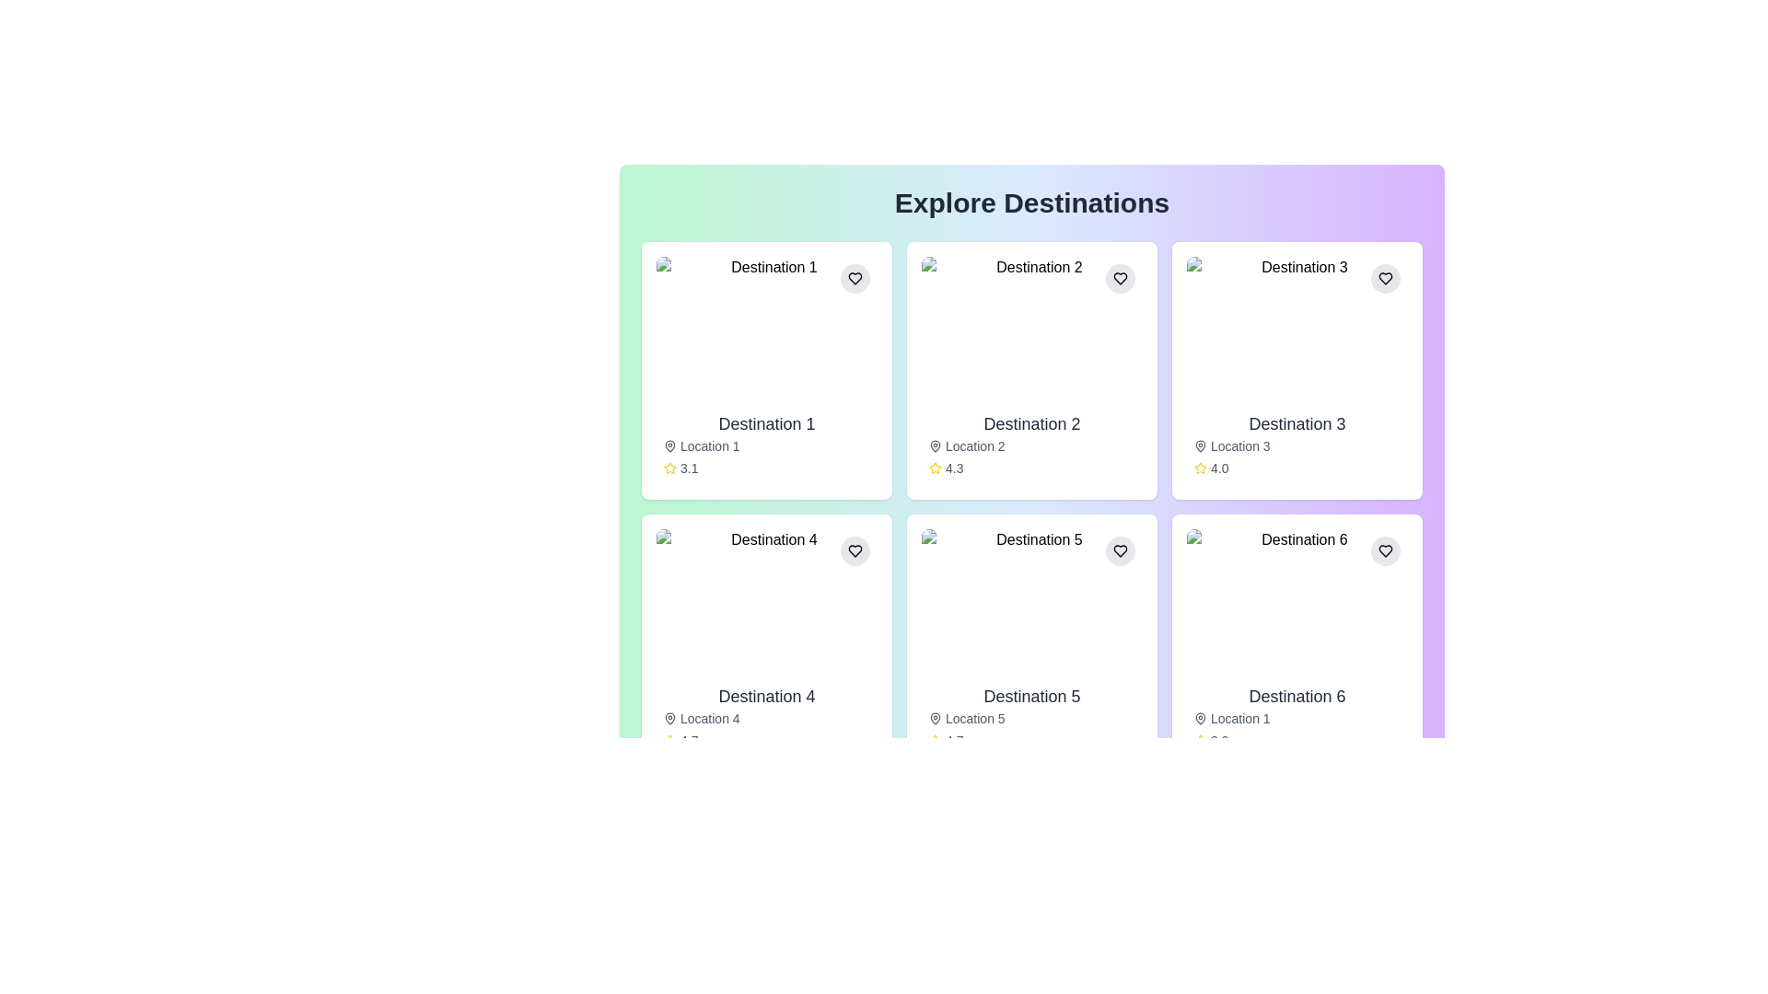 This screenshot has width=1768, height=994. I want to click on on the destination summary card located at the top-left corner of the grid layout, so click(767, 370).